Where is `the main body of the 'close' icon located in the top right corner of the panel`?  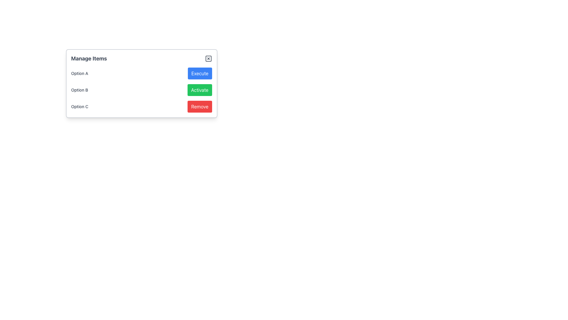 the main body of the 'close' icon located in the top right corner of the panel is located at coordinates (208, 58).